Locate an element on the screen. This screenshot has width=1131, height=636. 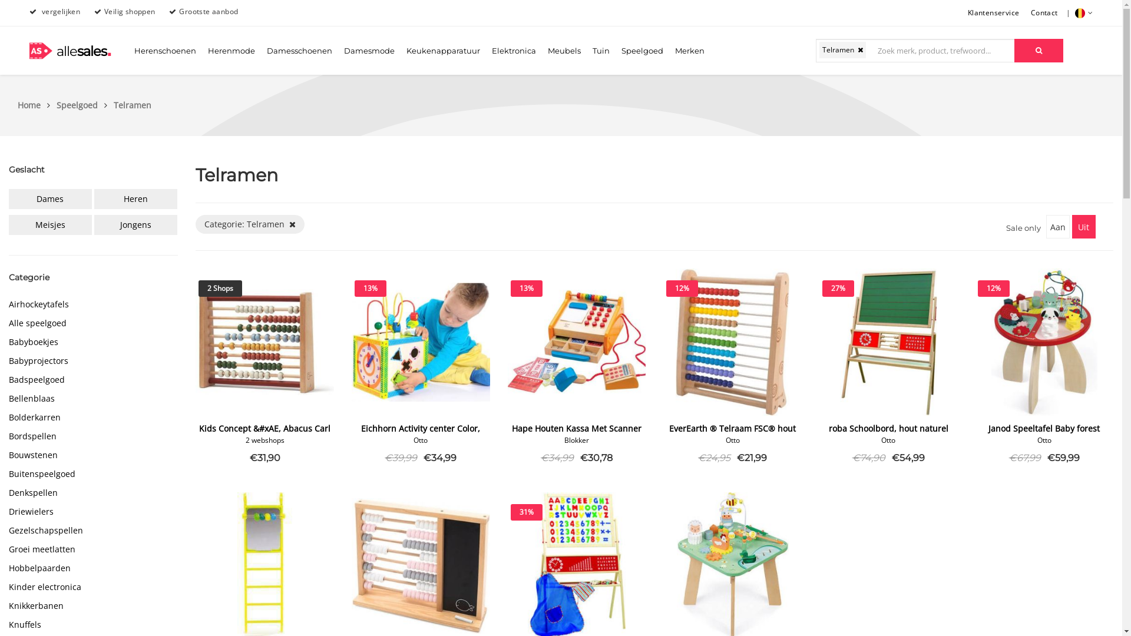
'Alle speelgoed' is located at coordinates (92, 323).